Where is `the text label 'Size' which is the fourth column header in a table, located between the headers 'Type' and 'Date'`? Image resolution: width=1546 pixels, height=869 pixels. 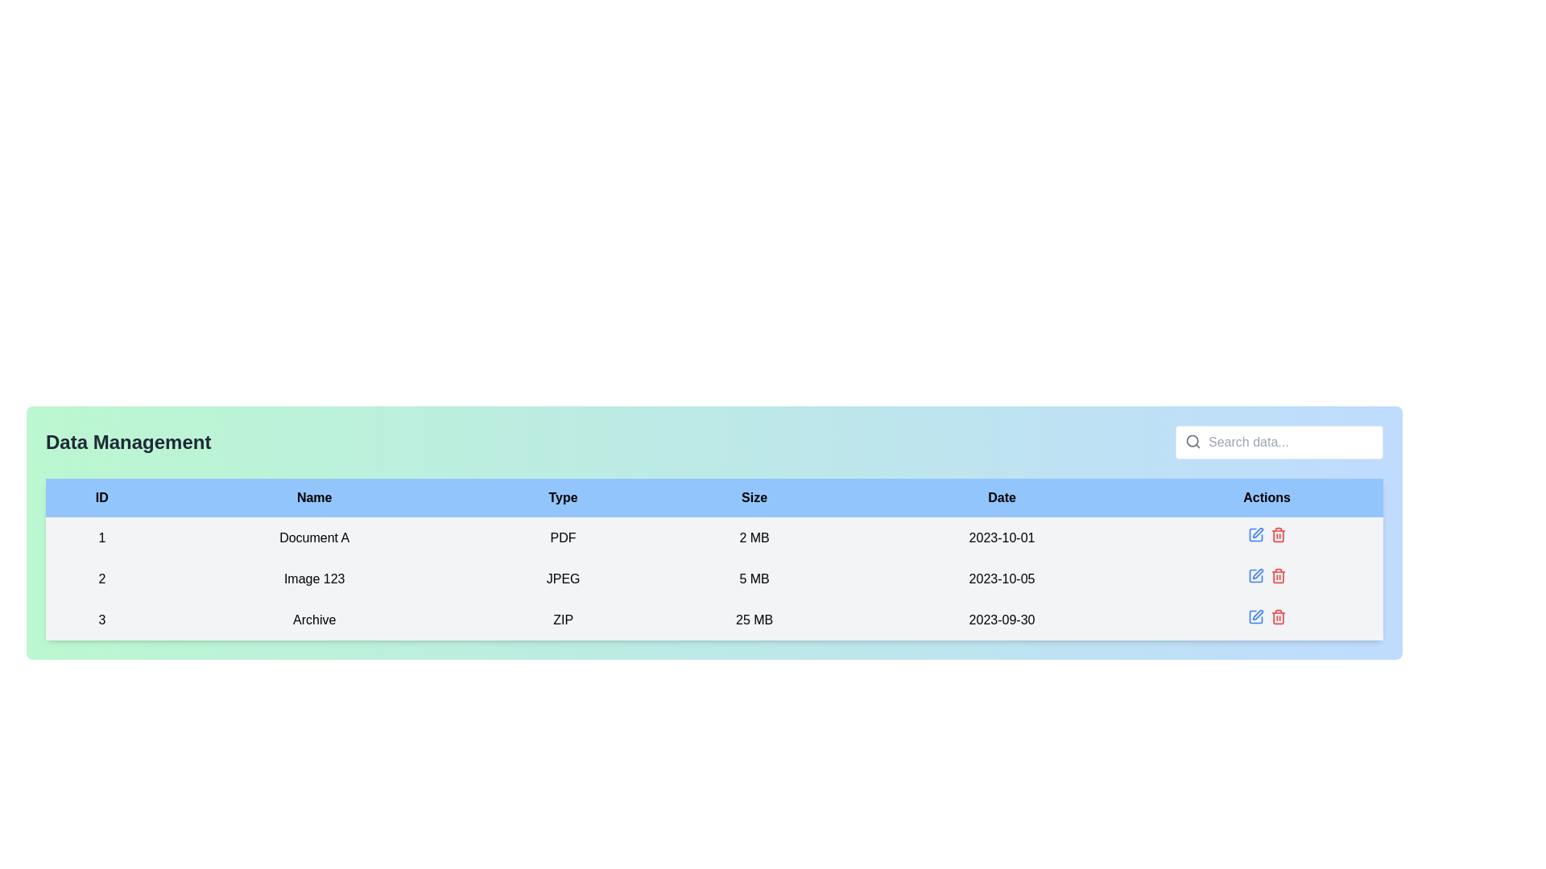 the text label 'Size' which is the fourth column header in a table, located between the headers 'Type' and 'Date' is located at coordinates (754, 496).